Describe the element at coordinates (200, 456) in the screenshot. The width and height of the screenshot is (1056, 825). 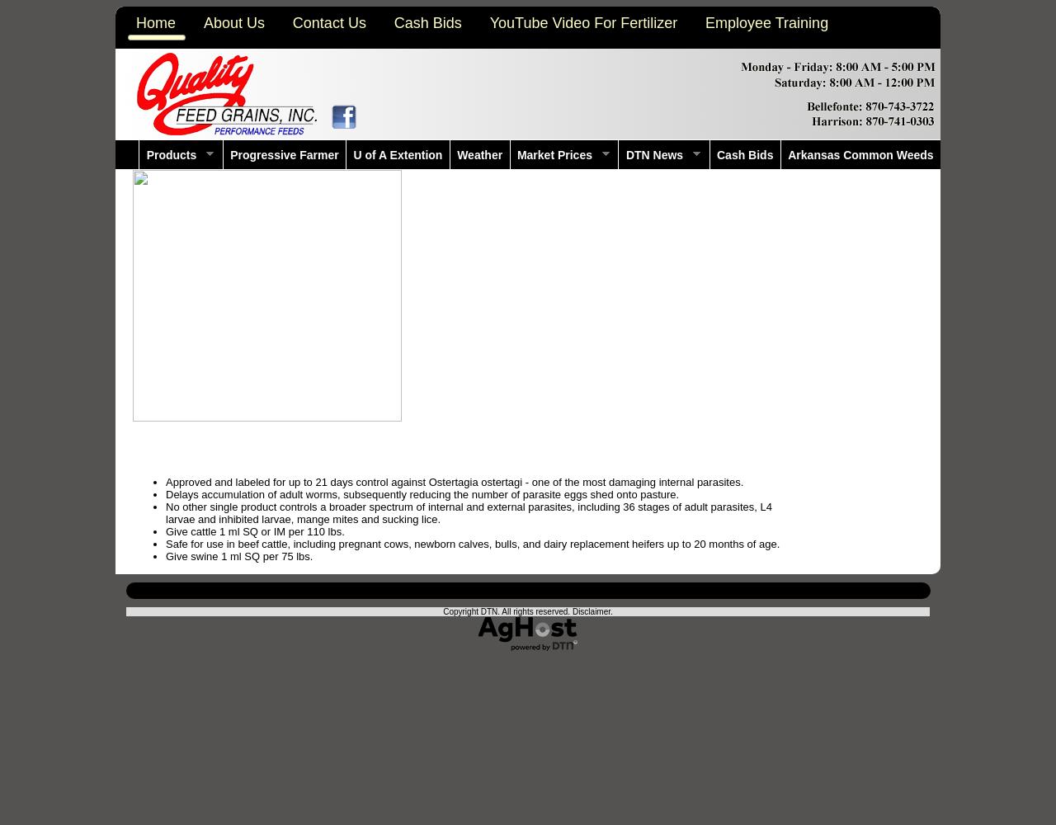
I see `'Dectomax Injectable (*)'` at that location.